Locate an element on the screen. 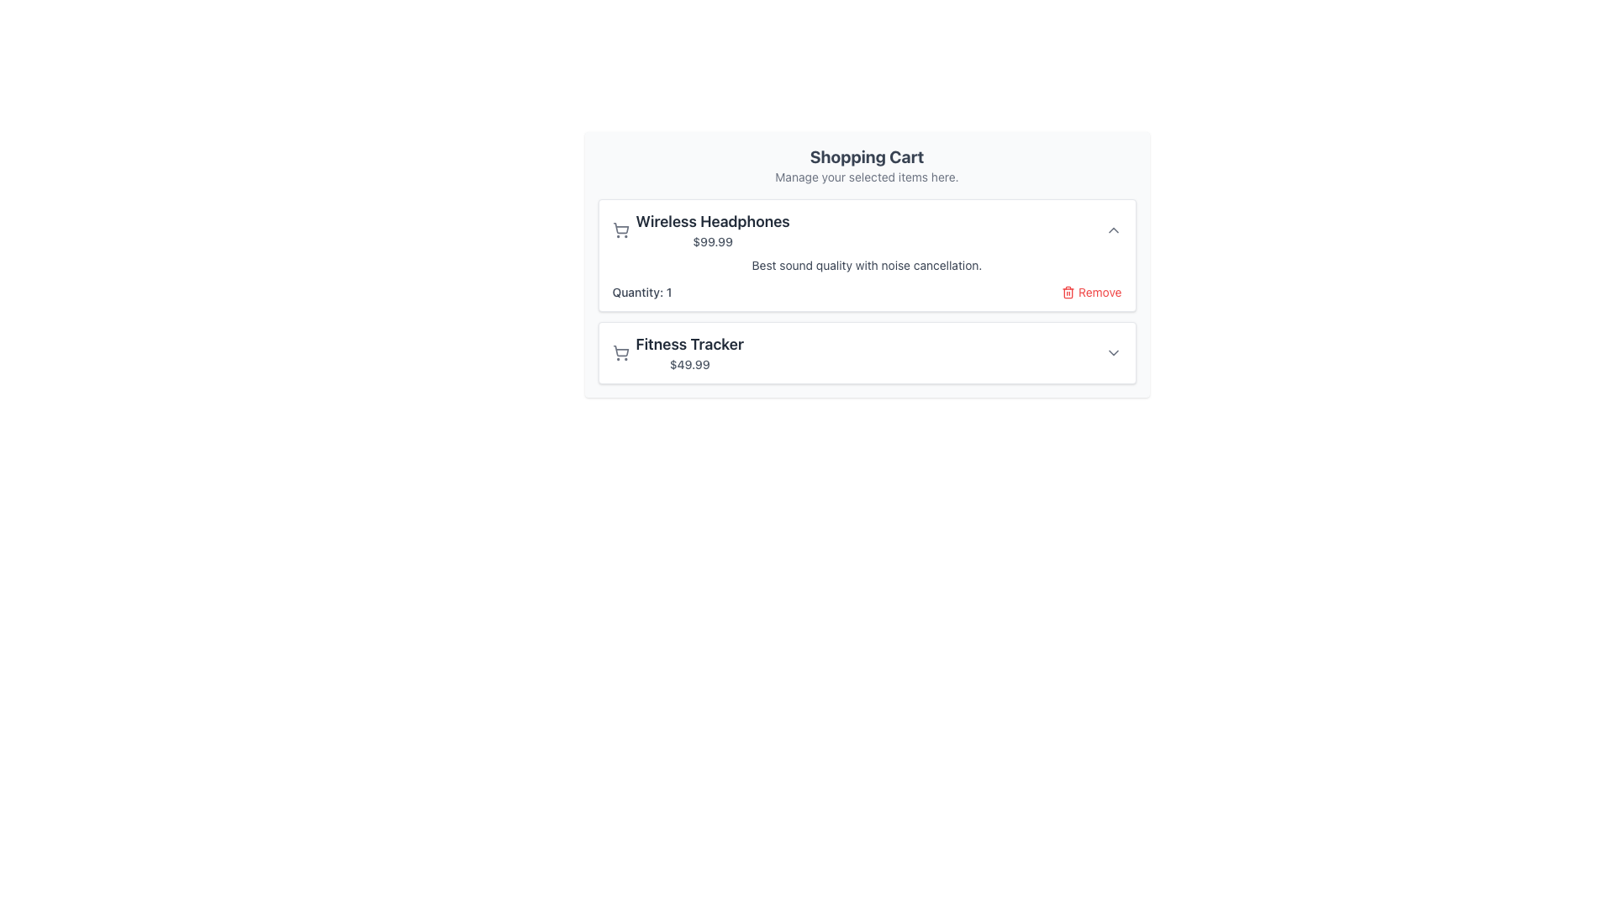 The height and width of the screenshot is (908, 1614). the text displayed in the TextBlock that shows the name and price of the product in the shopping cart, located to the right of the shopping cart icon and above the product description is located at coordinates (713, 230).